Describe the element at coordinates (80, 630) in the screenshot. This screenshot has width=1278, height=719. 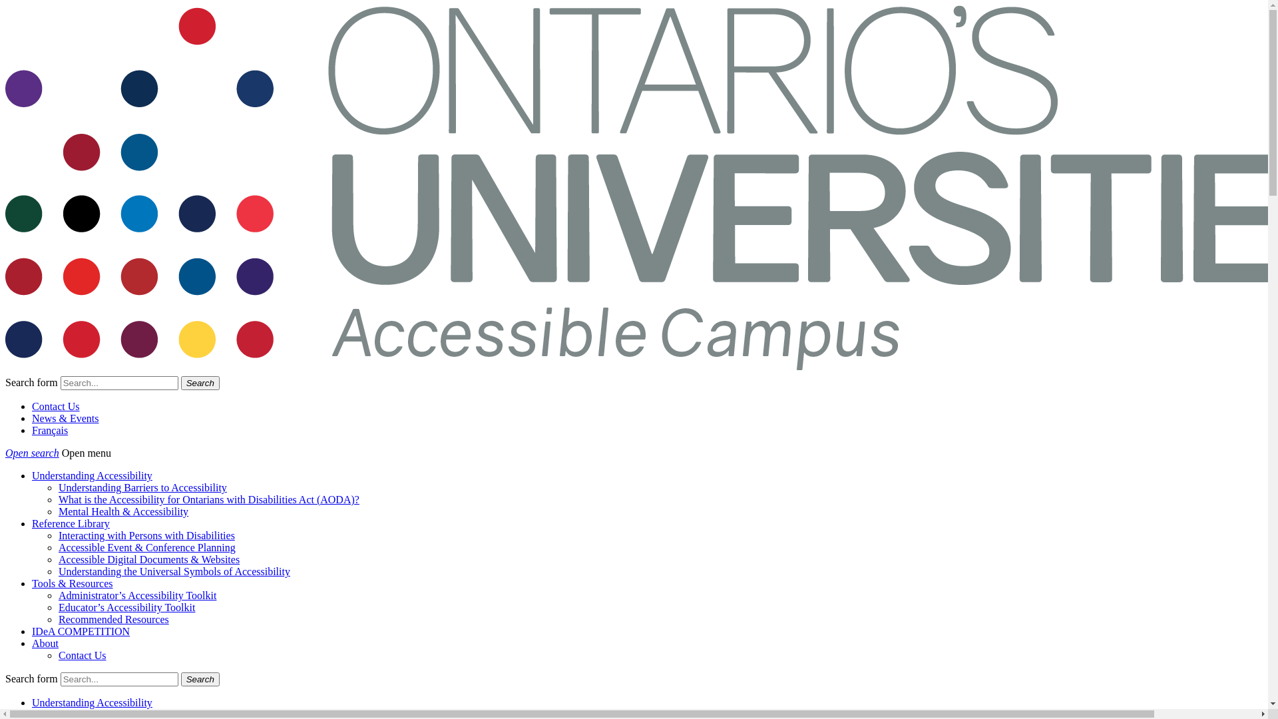
I see `'IDeA COMPETITION'` at that location.